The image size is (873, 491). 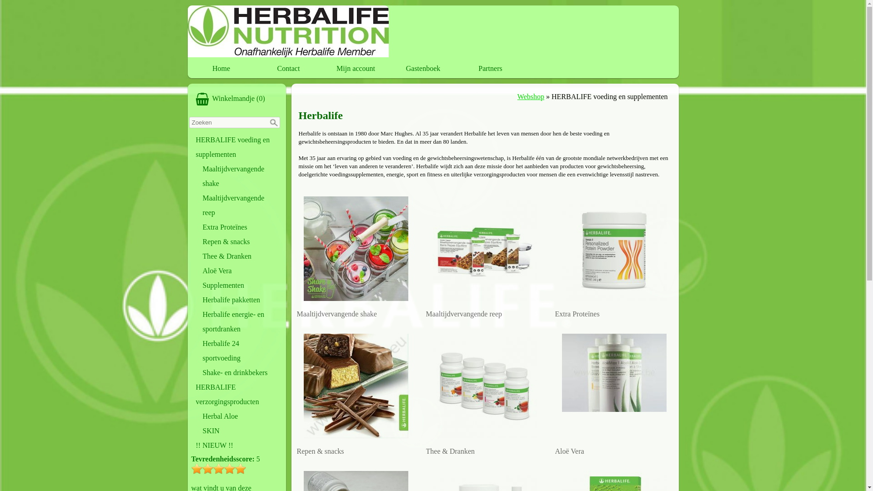 I want to click on 'Mijn account', so click(x=325, y=68).